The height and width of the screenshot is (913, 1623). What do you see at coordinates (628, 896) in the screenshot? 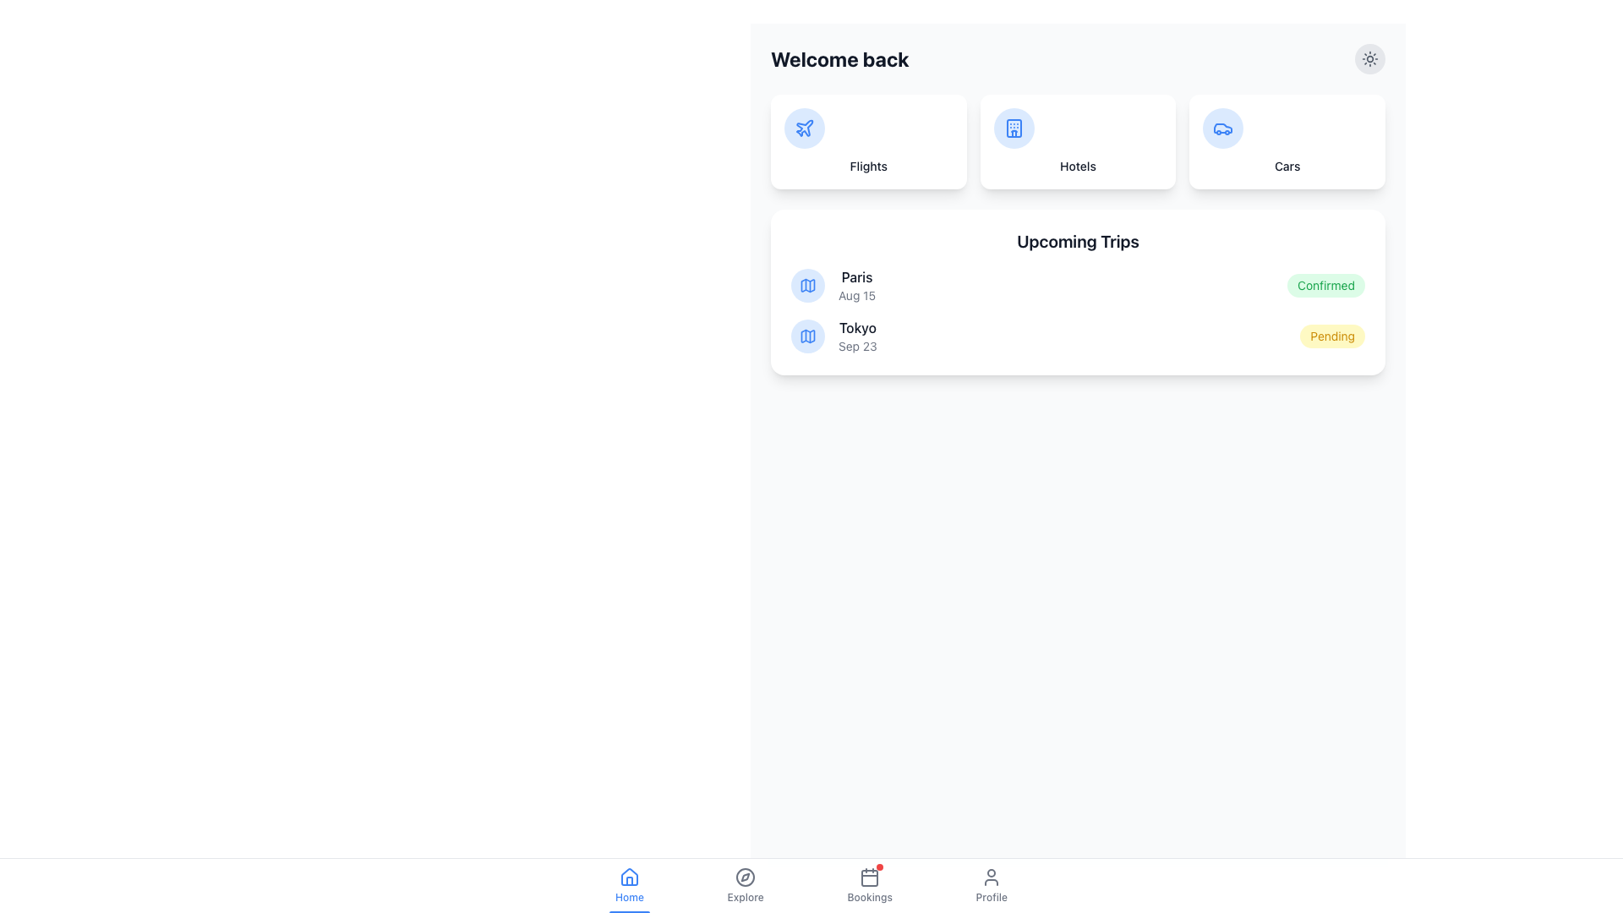
I see `the 'Home' text label, which is styled in blue and positioned as the leftmost item in the navigation bar beneath a house icon` at bounding box center [628, 896].